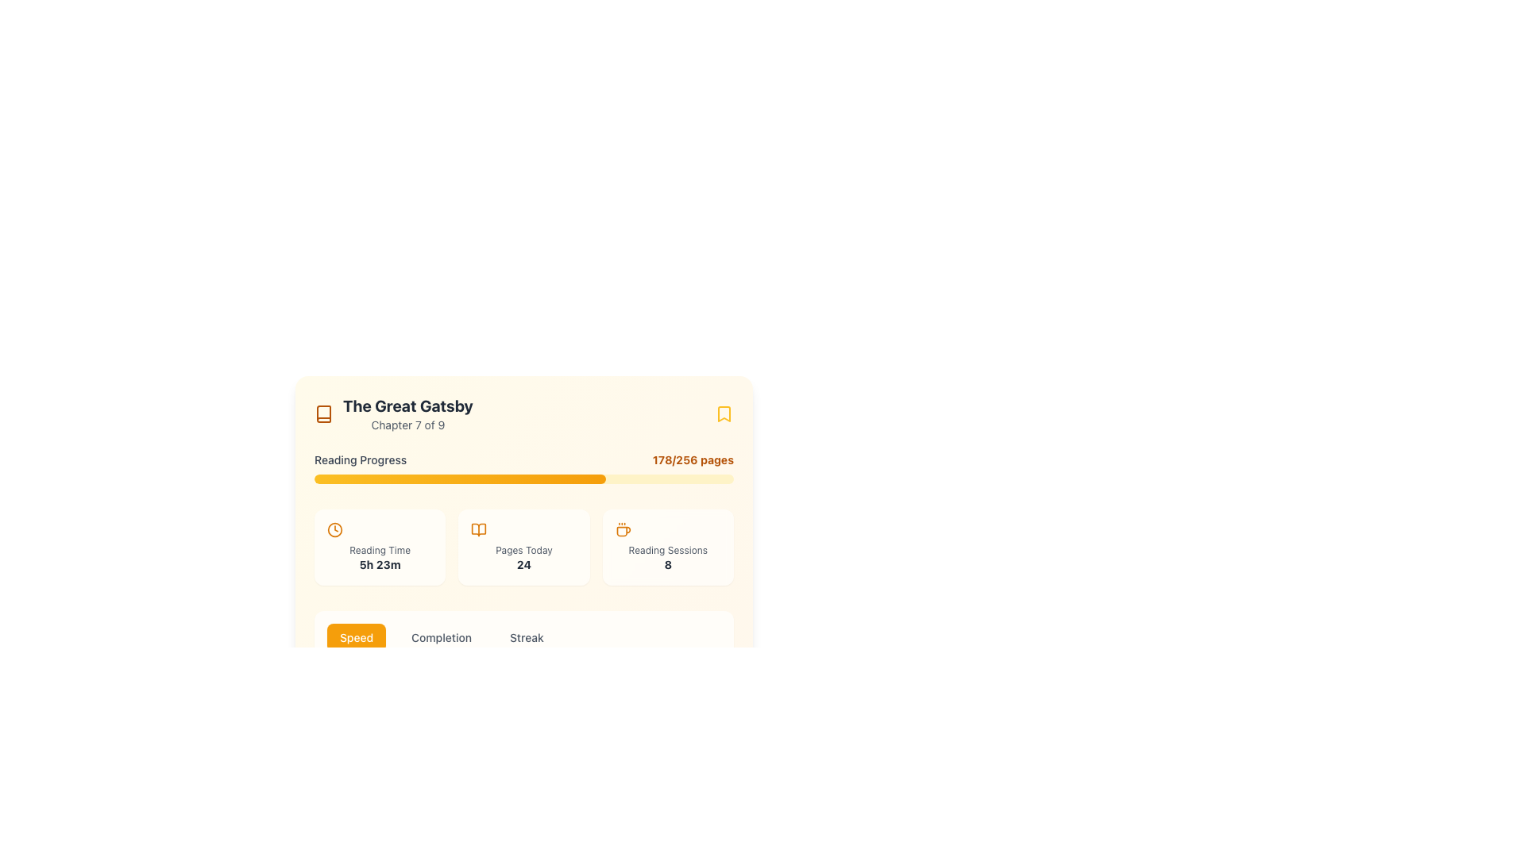  What do you see at coordinates (623, 532) in the screenshot?
I see `the decorative icon representing a coffee break associated with 'The Great Gatsby' located in the header section` at bounding box center [623, 532].